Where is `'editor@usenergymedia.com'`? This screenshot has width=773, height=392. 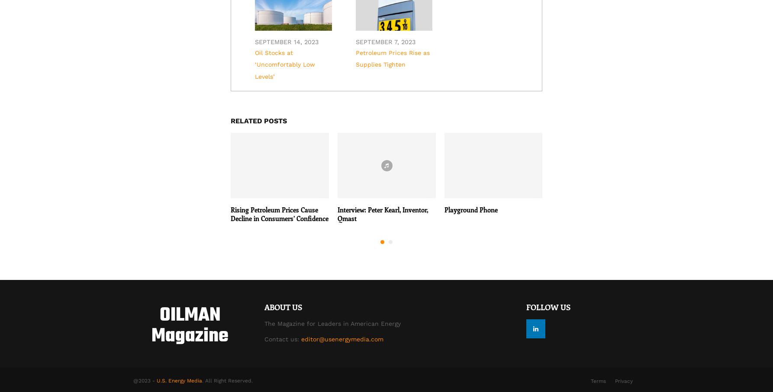
'editor@usenergymedia.com' is located at coordinates (341, 339).